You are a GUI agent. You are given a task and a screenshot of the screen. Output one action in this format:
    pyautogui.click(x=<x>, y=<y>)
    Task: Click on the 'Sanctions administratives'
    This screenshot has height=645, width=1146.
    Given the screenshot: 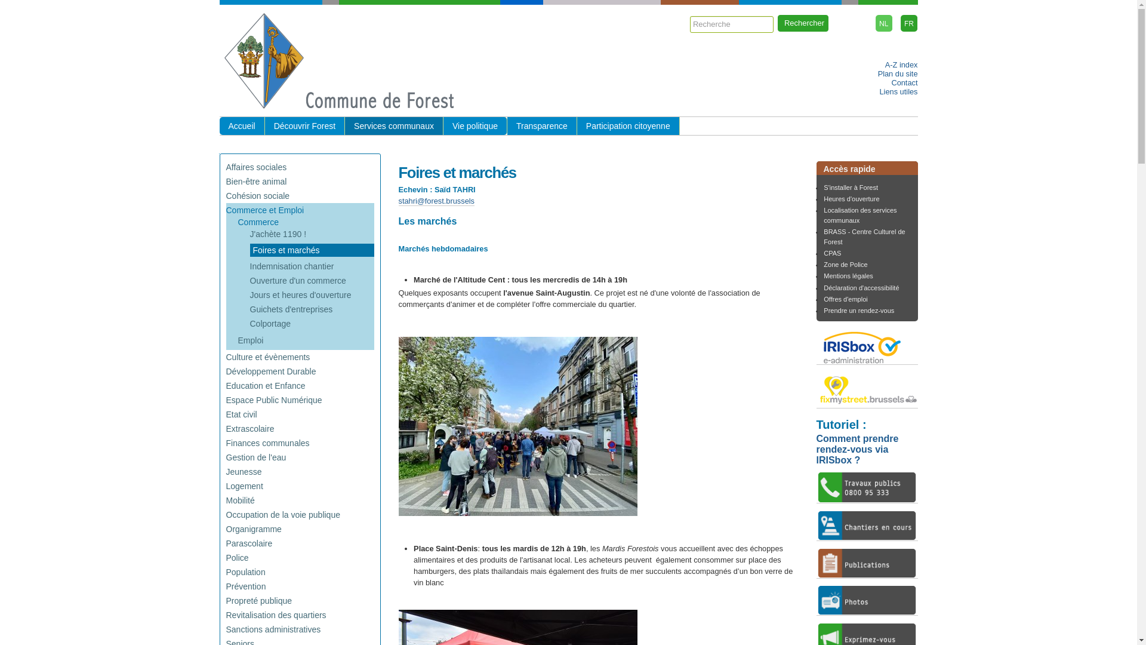 What is the action you would take?
    pyautogui.click(x=272, y=628)
    